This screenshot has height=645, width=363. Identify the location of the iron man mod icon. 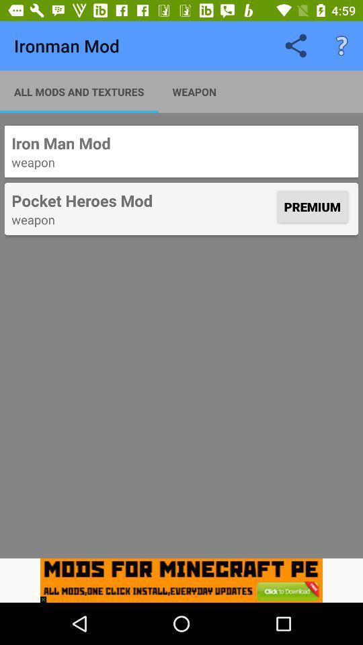
(182, 143).